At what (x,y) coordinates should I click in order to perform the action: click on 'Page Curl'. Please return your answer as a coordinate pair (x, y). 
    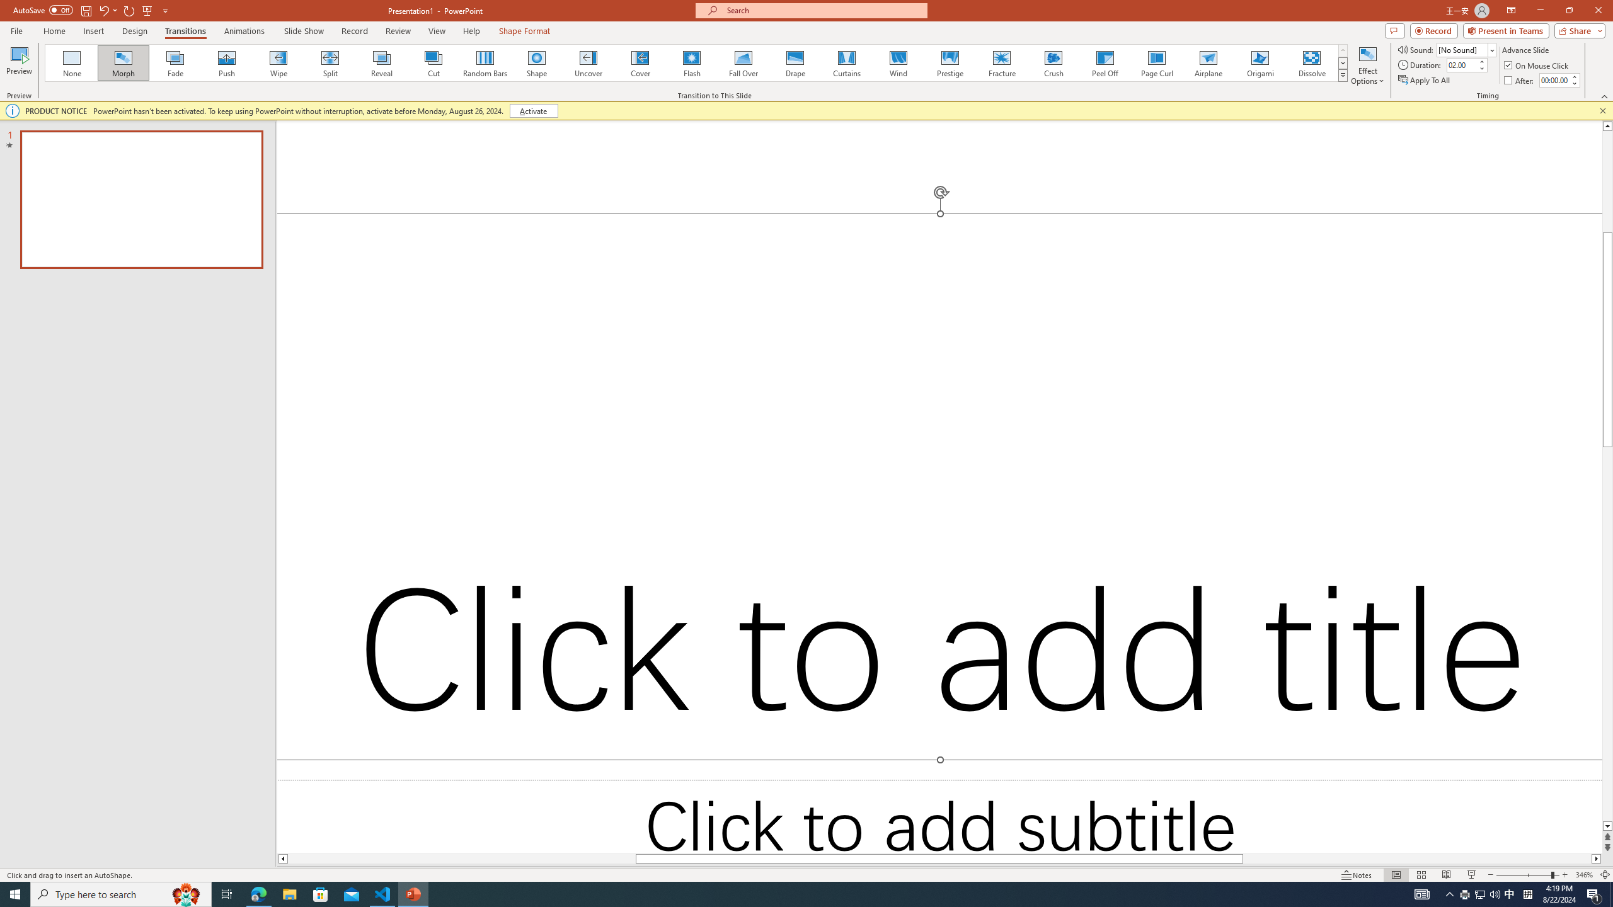
    Looking at the image, I should click on (1156, 62).